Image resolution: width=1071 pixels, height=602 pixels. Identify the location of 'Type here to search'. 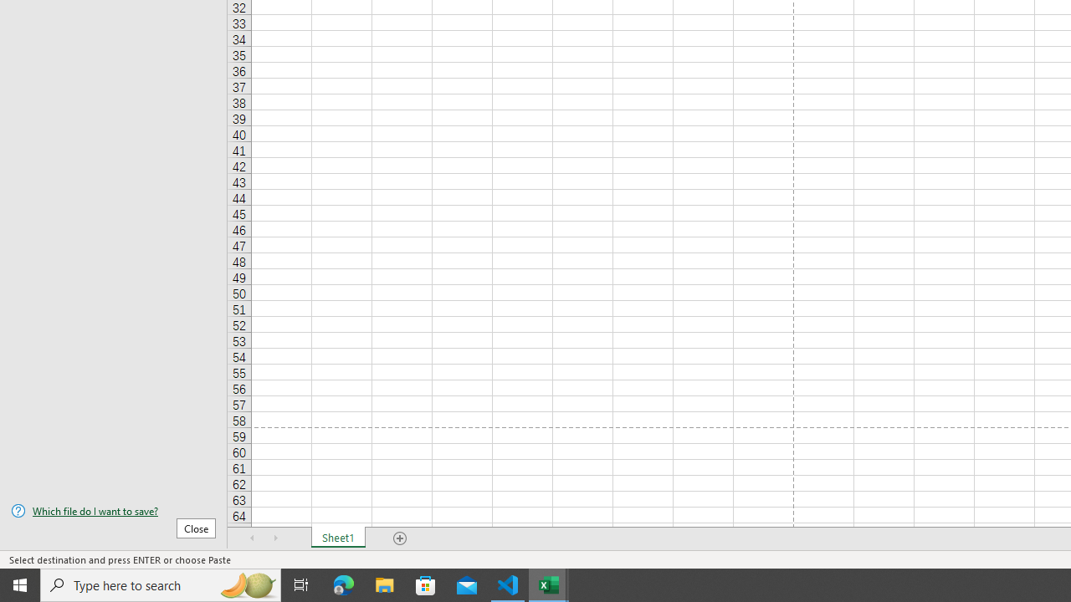
(161, 584).